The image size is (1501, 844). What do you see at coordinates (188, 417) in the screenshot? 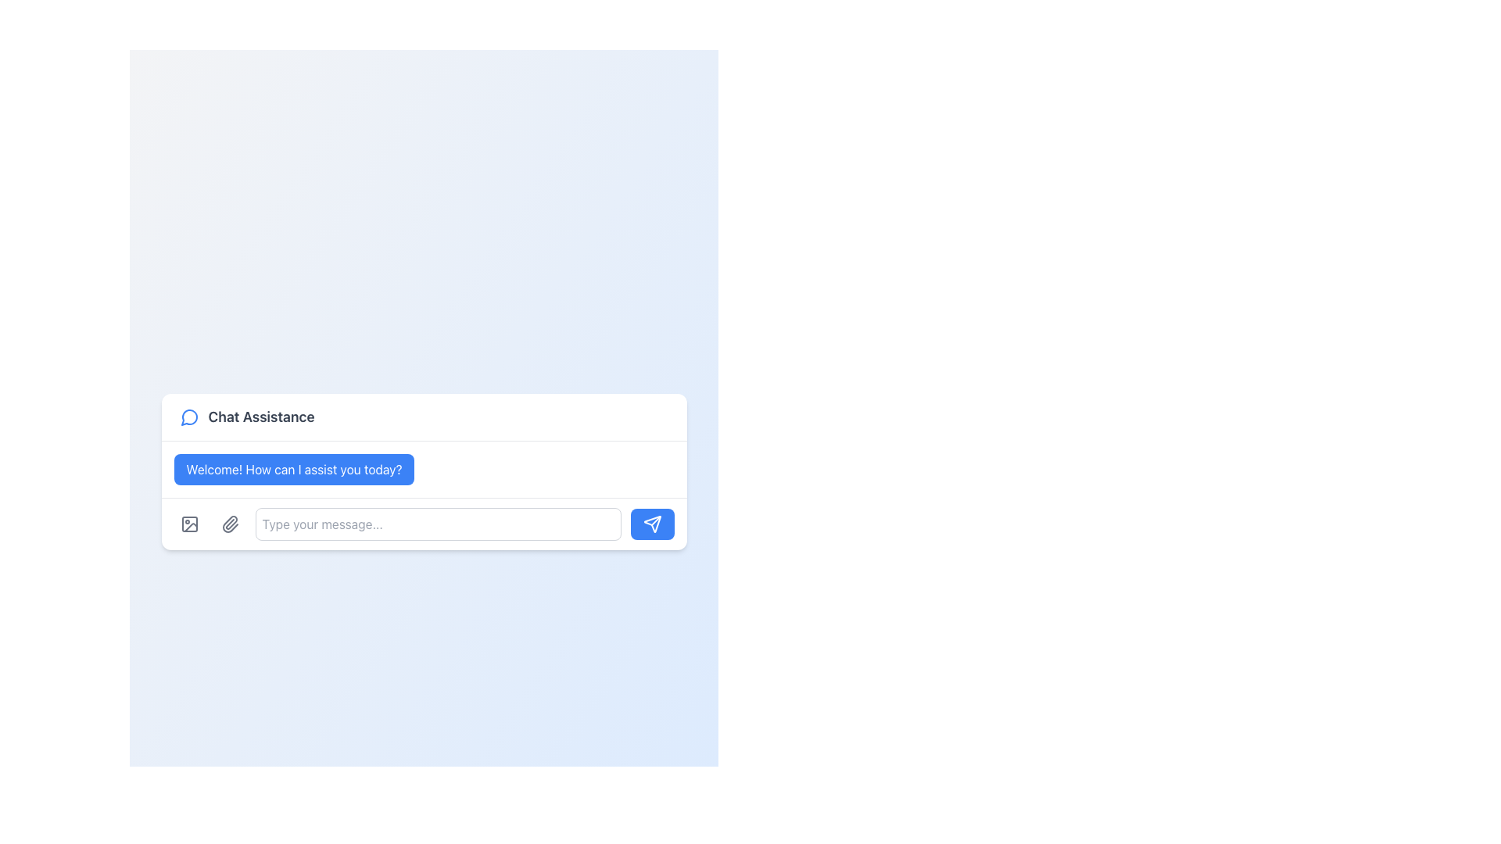
I see `the speech bubble icon located in the top-left corner of the chat assistance widget before the 'Chat Assistance' text` at bounding box center [188, 417].